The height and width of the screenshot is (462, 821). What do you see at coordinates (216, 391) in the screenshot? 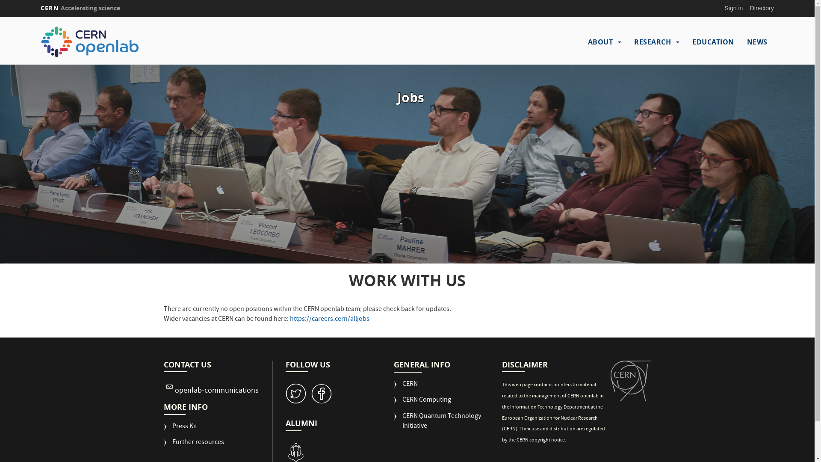
I see `'openlab-communications'` at bounding box center [216, 391].